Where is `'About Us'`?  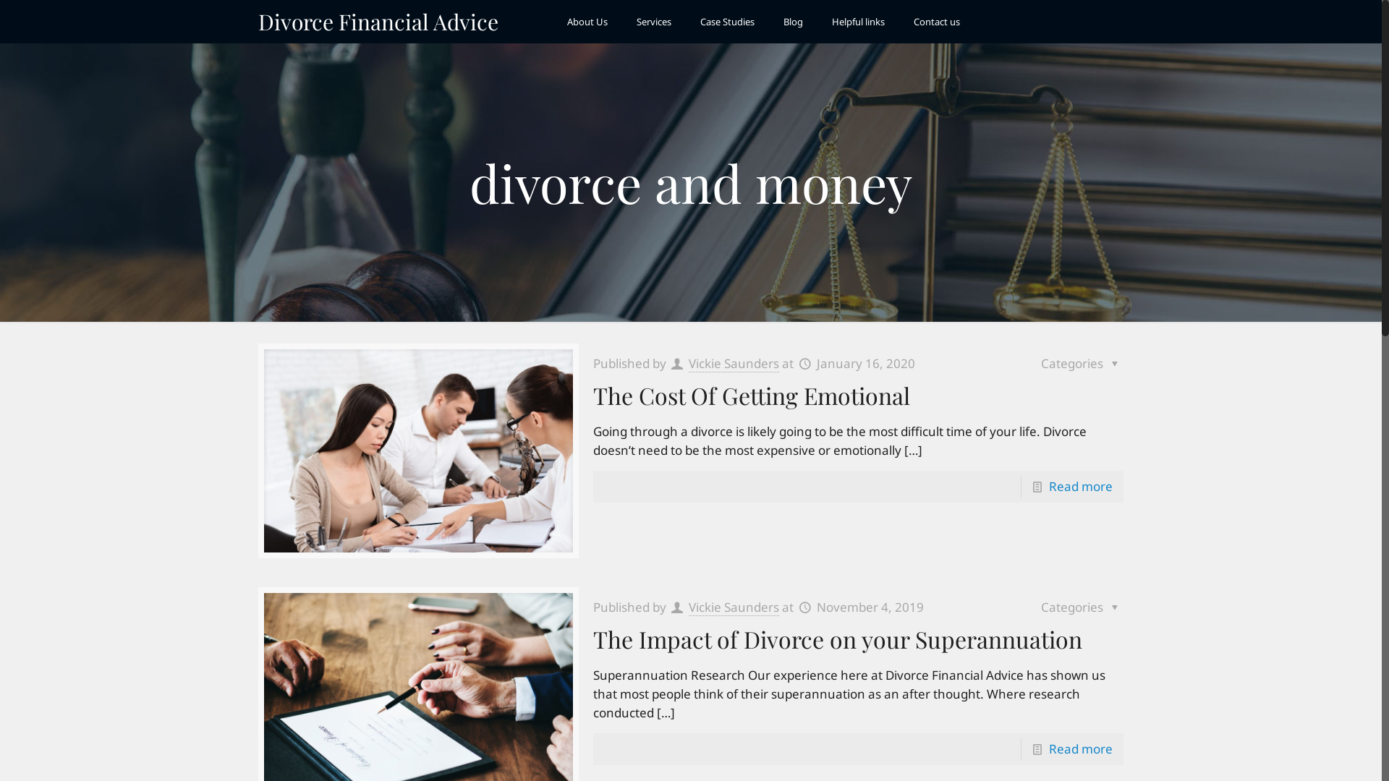
'About Us' is located at coordinates (587, 22).